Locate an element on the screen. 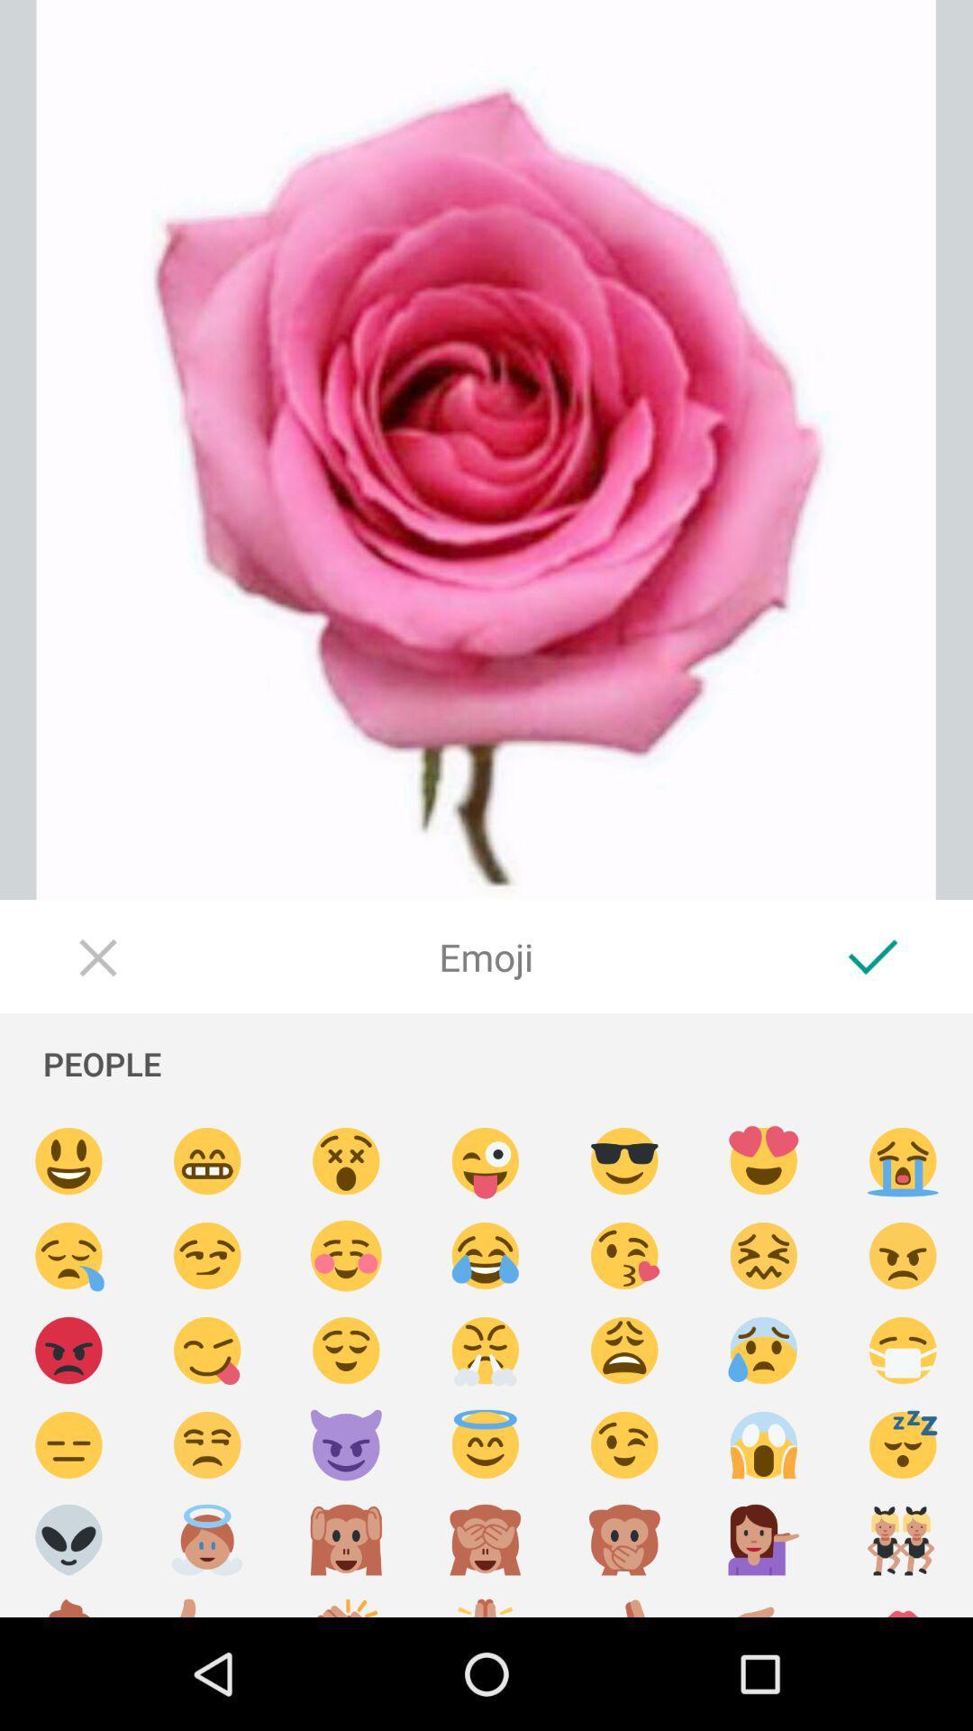  emoji is located at coordinates (903, 1255).